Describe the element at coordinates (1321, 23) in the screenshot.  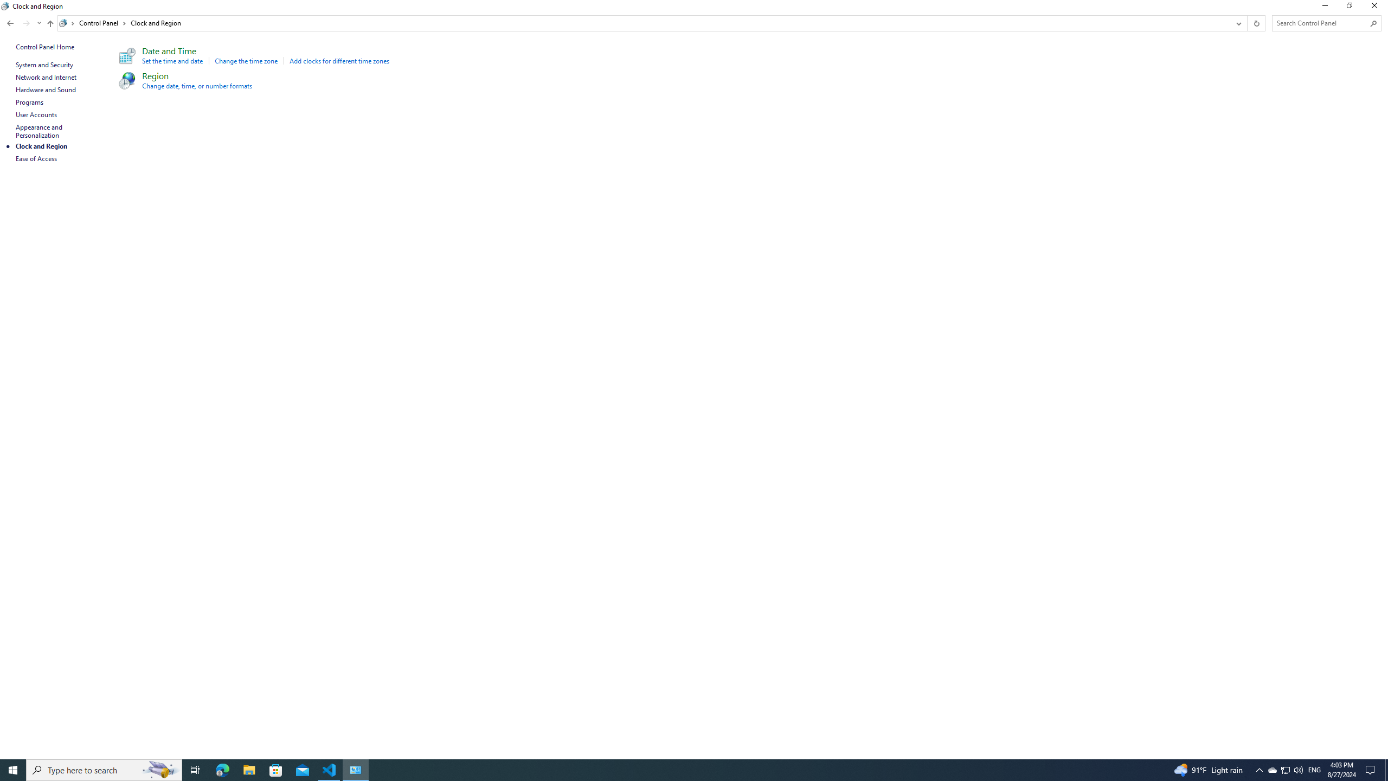
I see `'Search Box'` at that location.